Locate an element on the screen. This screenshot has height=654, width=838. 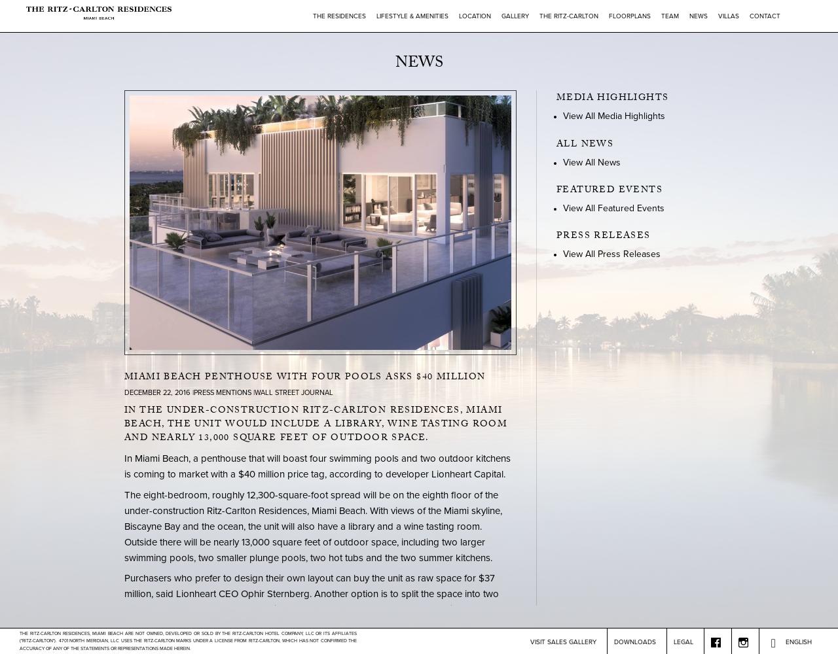
'View All News' is located at coordinates (591, 161).